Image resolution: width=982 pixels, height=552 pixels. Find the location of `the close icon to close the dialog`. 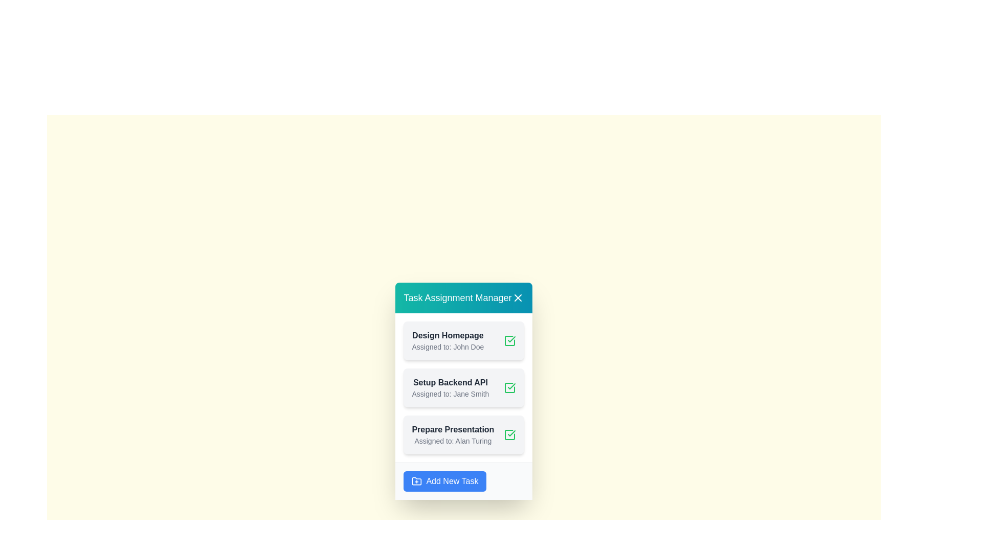

the close icon to close the dialog is located at coordinates (518, 297).